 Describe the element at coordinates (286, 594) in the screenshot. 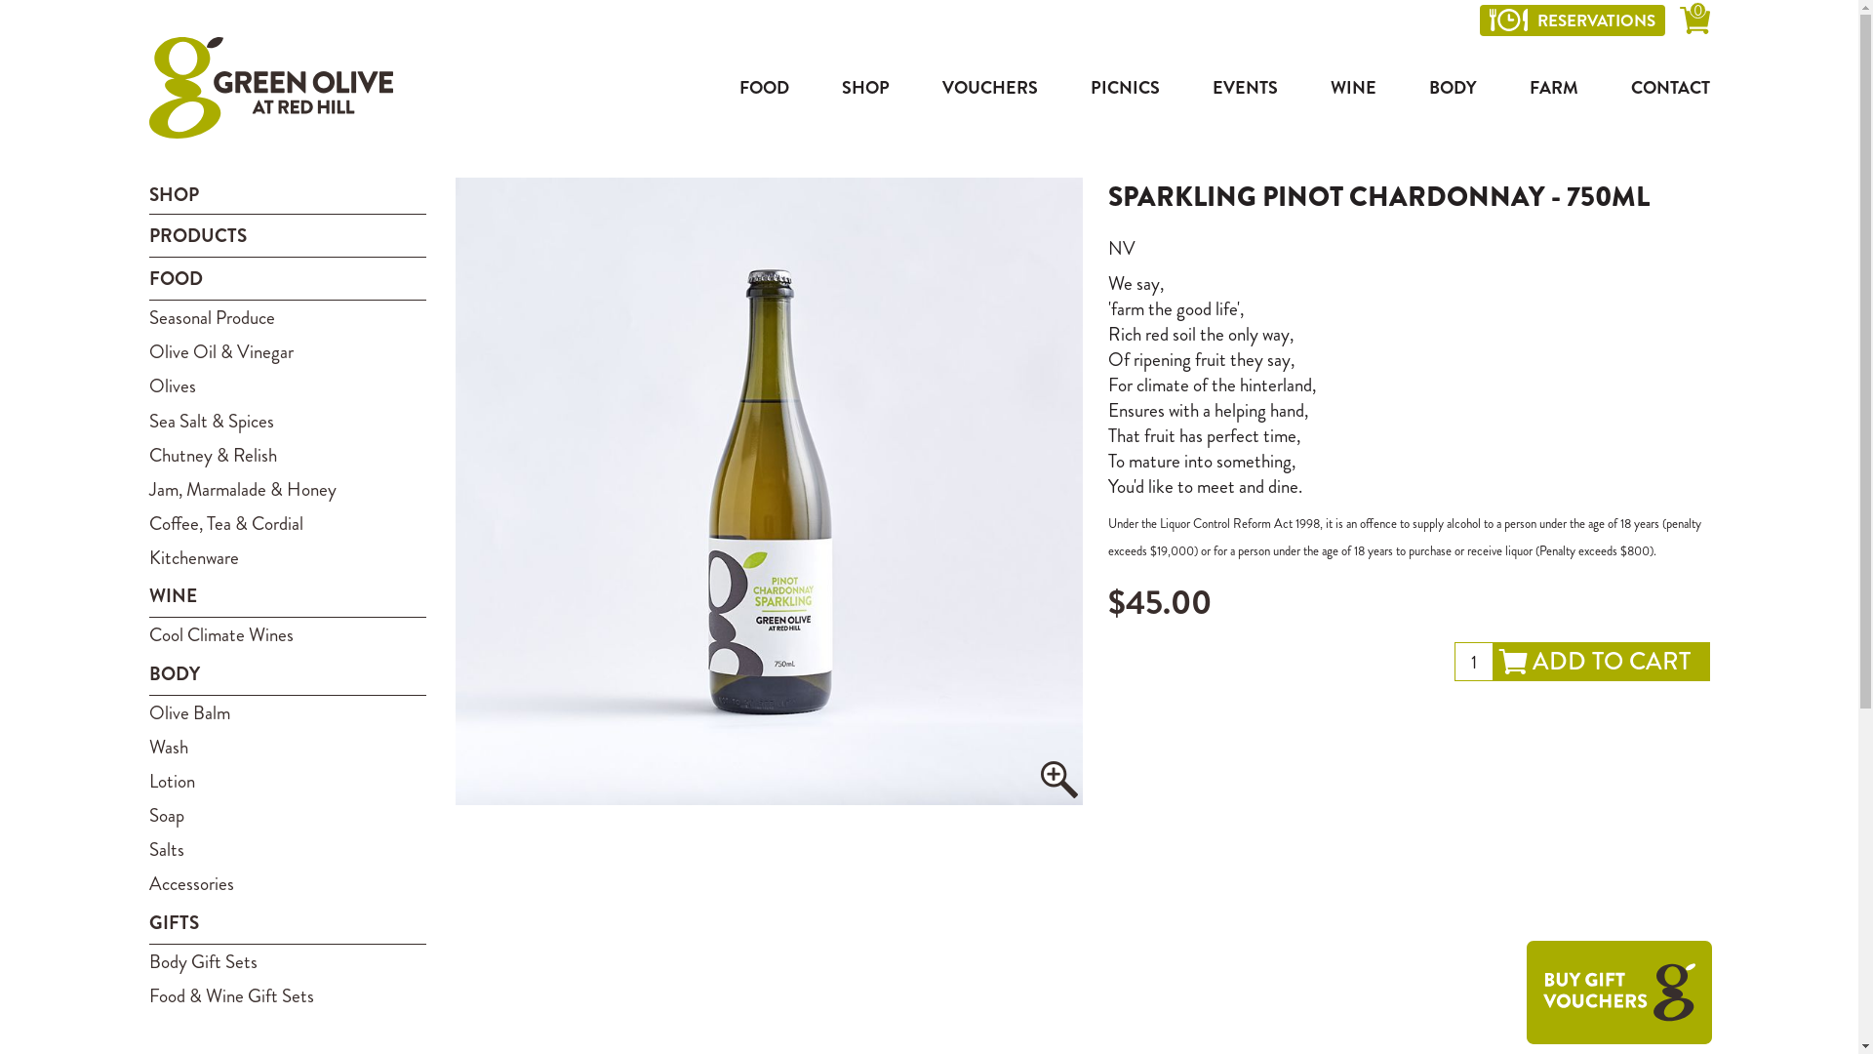

I see `'WINE'` at that location.